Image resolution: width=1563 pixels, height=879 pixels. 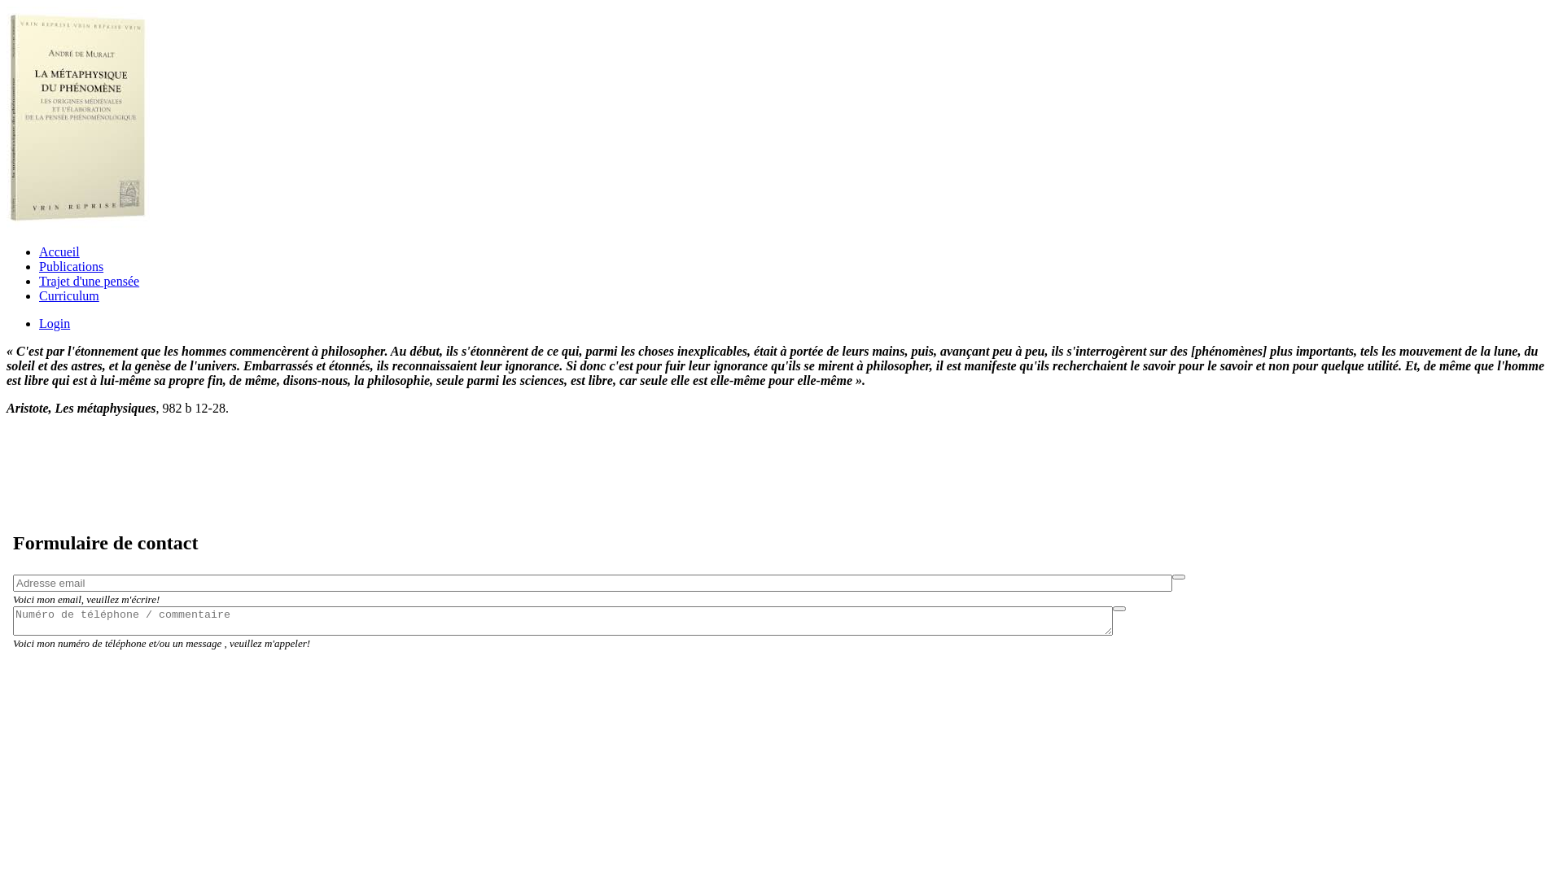 What do you see at coordinates (59, 251) in the screenshot?
I see `'Accueil'` at bounding box center [59, 251].